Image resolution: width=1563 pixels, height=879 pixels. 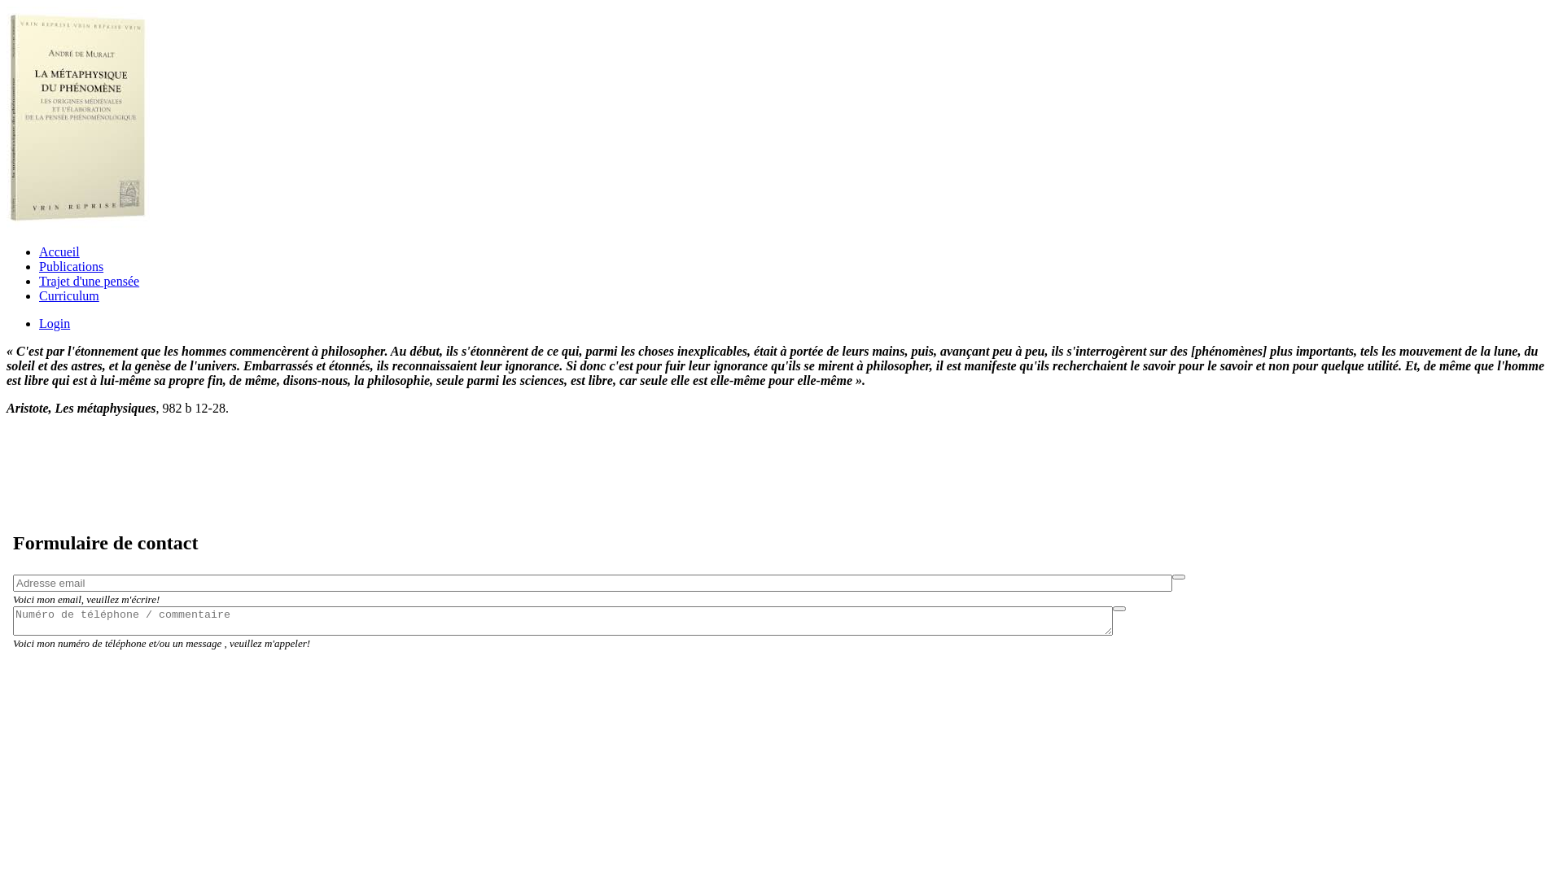 What do you see at coordinates (59, 251) in the screenshot?
I see `'Accueil'` at bounding box center [59, 251].